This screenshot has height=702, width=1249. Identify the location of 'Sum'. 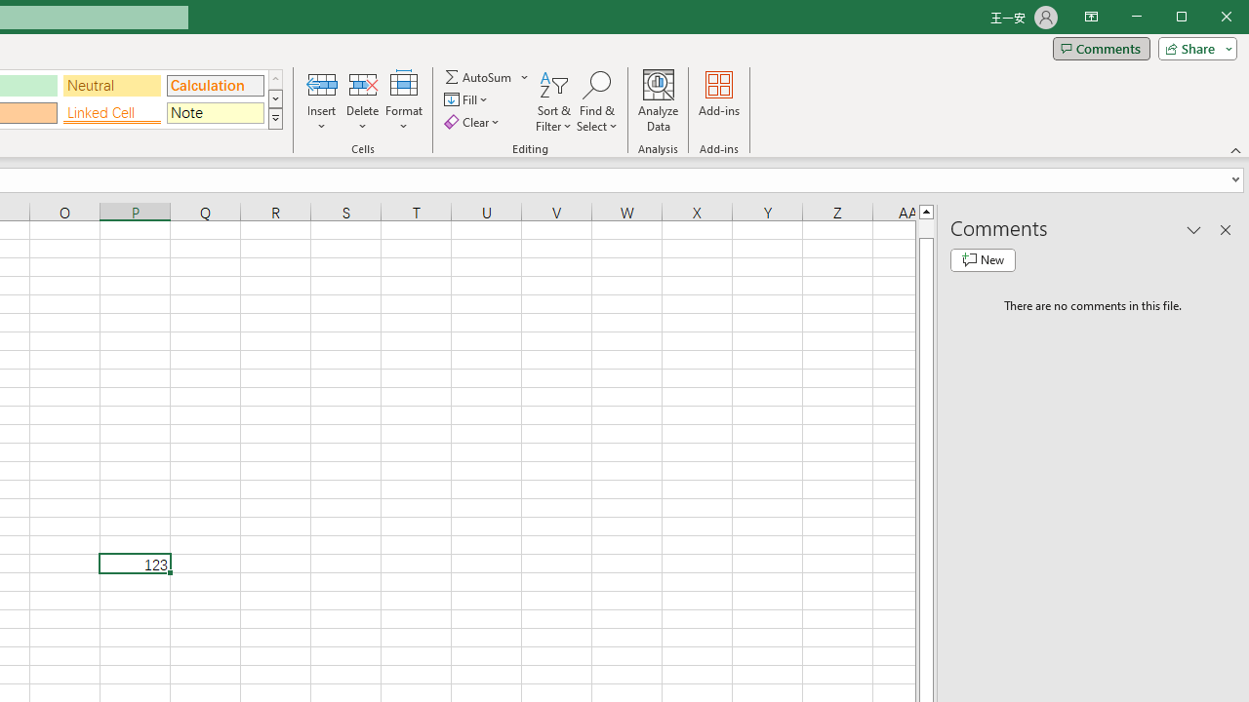
(479, 76).